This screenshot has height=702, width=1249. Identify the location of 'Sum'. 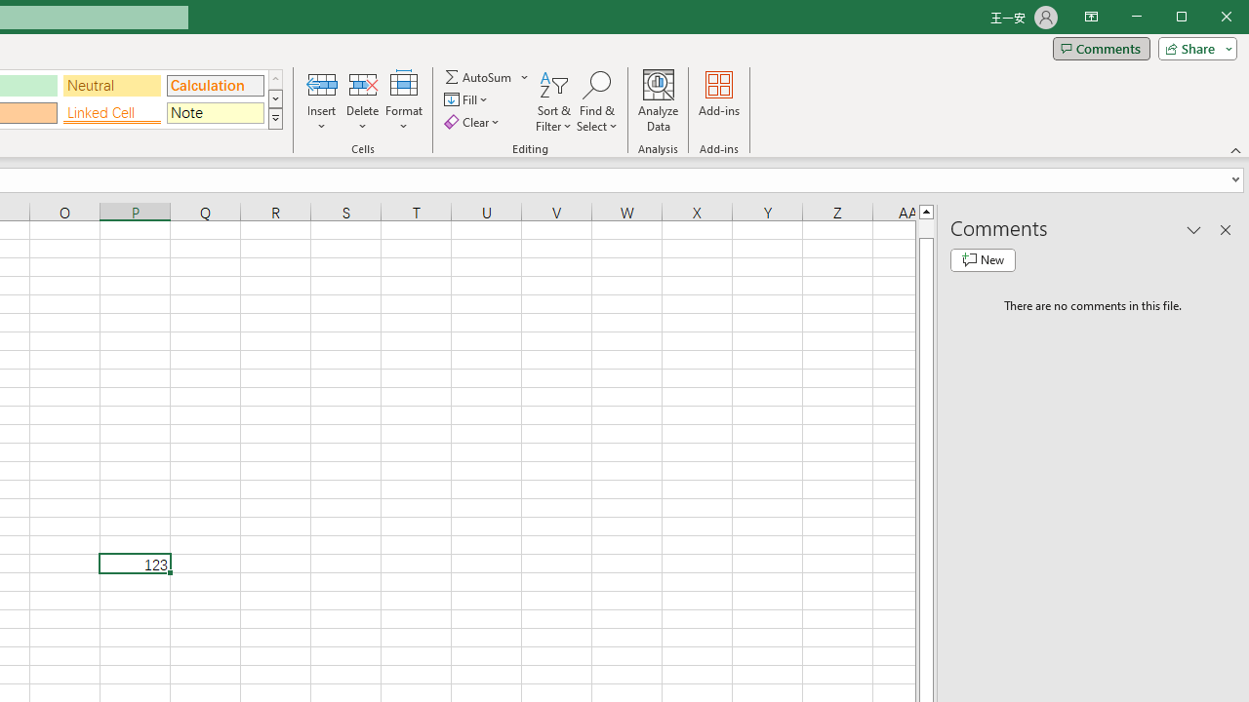
(479, 76).